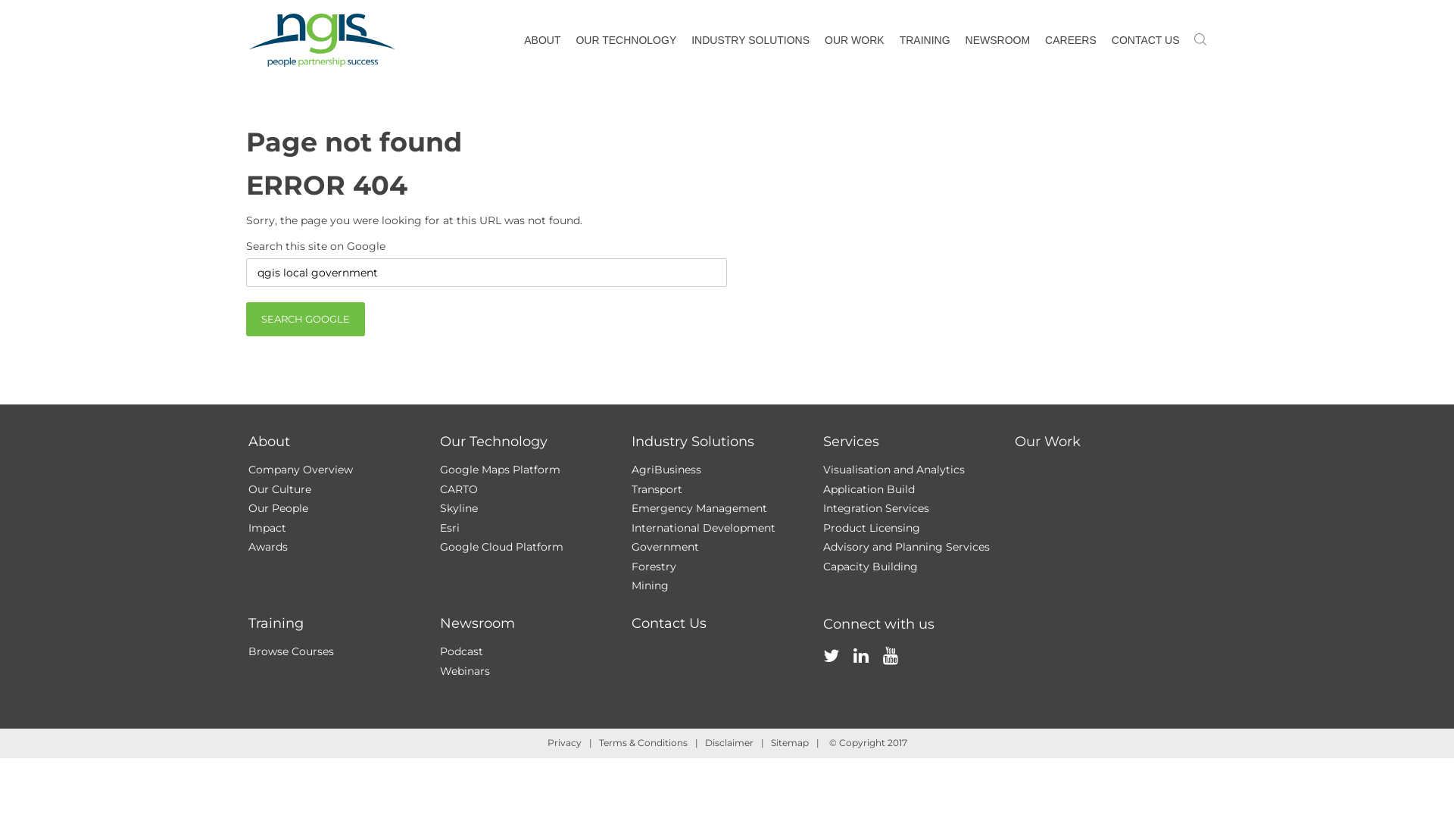  Describe the element at coordinates (998, 39) in the screenshot. I see `'NEWSROOM'` at that location.